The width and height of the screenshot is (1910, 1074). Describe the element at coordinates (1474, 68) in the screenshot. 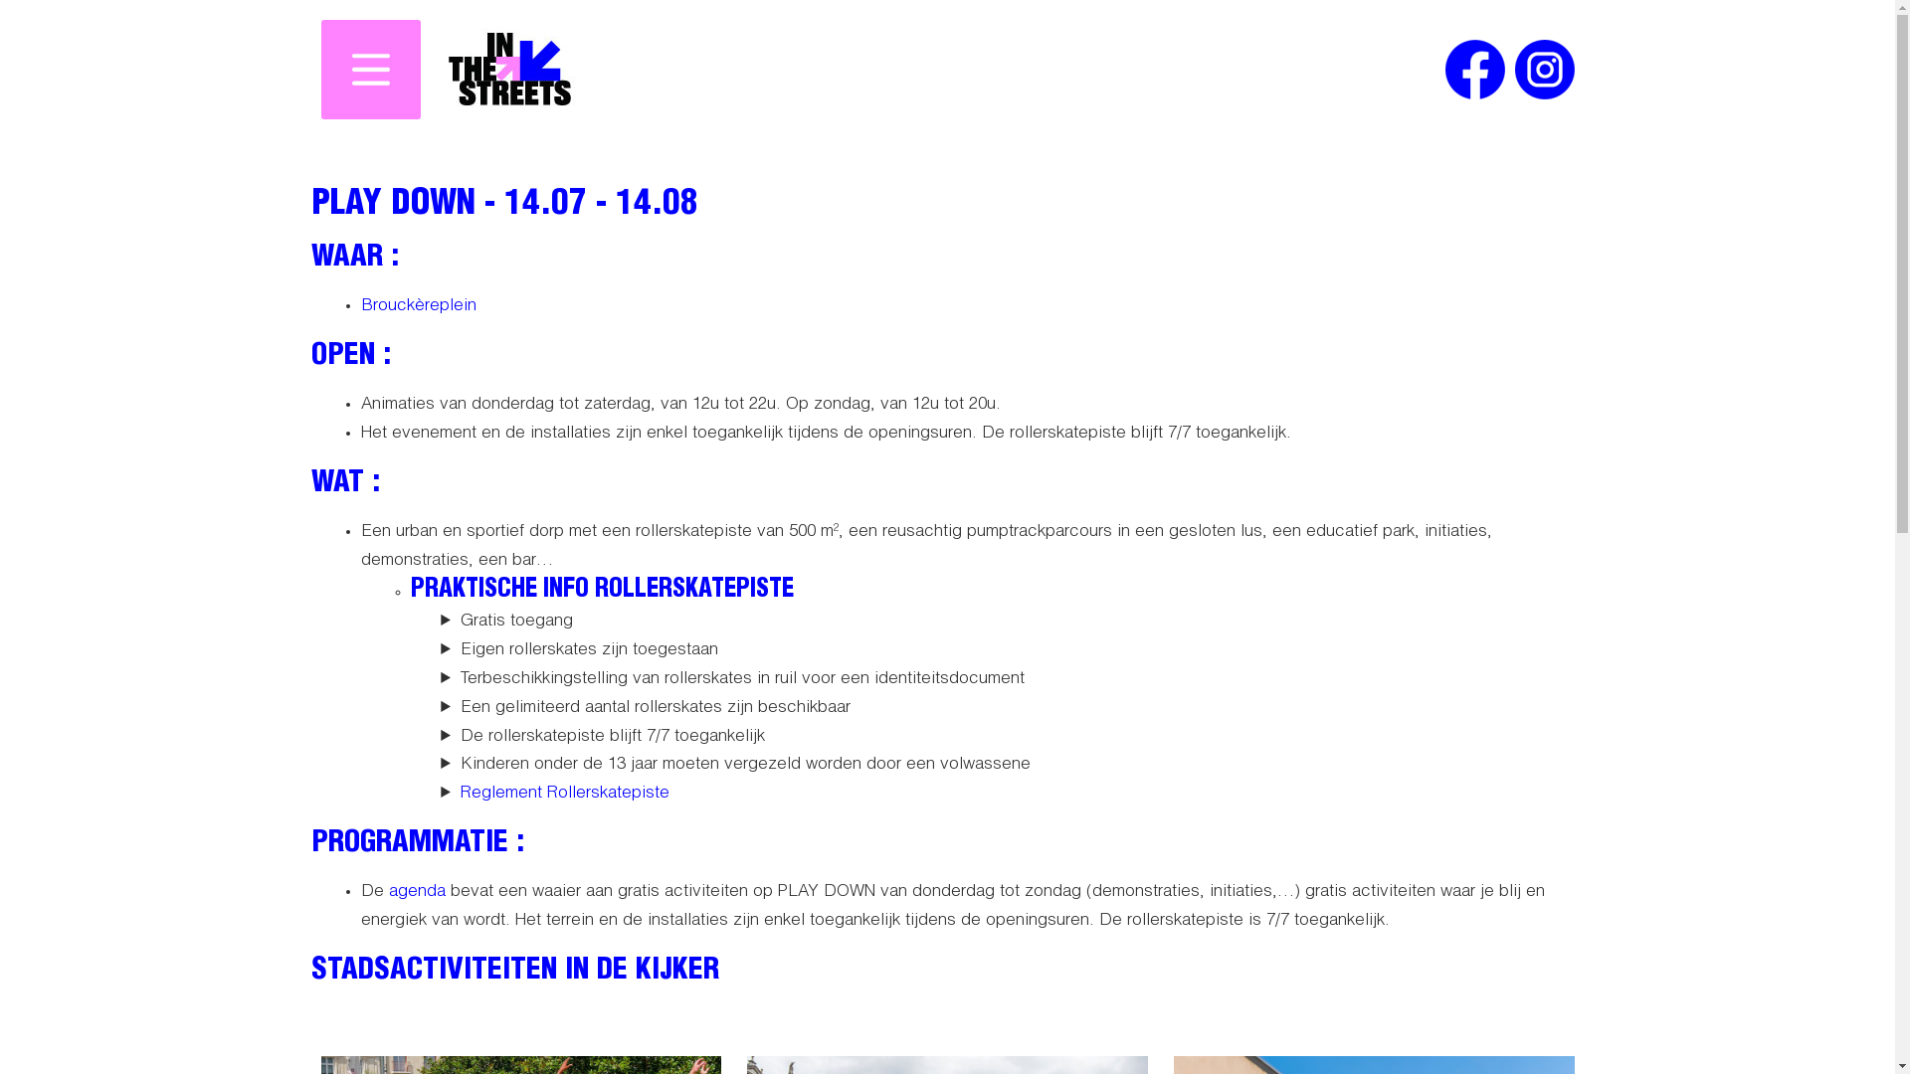

I see `'facebook-ico.png'` at that location.